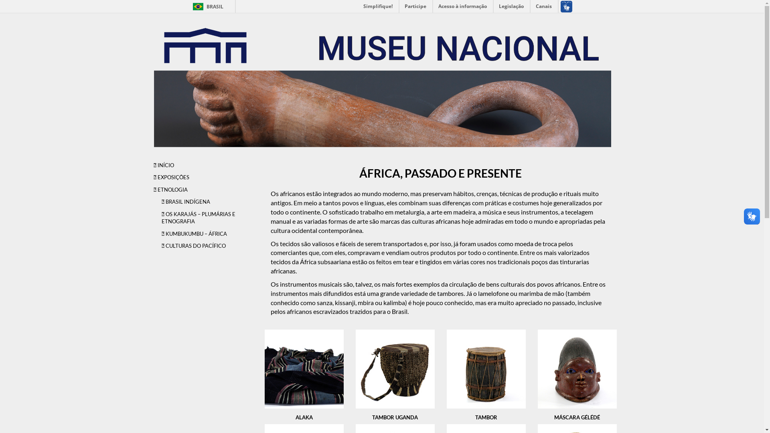  I want to click on 'ALAKA', so click(304, 374).